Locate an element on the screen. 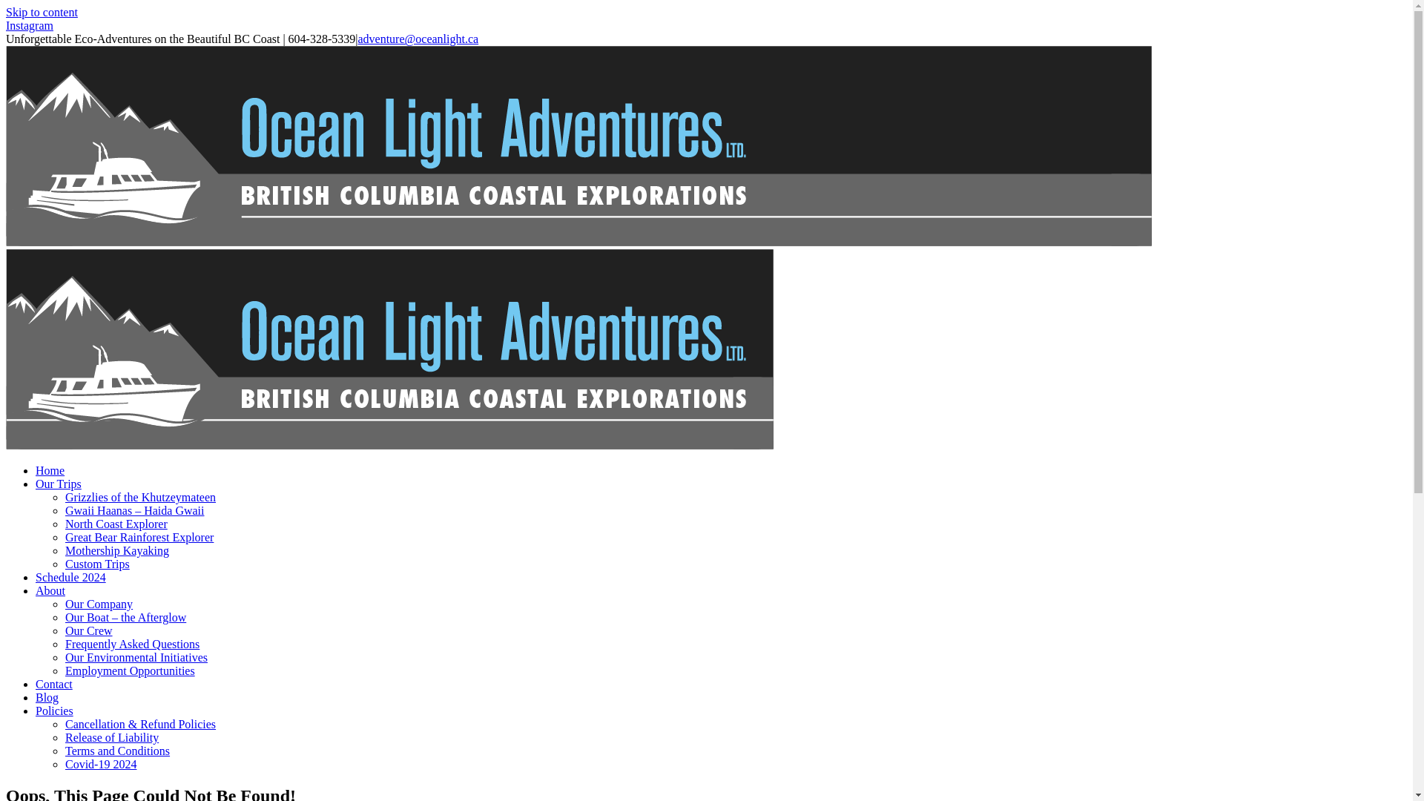 Image resolution: width=1424 pixels, height=801 pixels. 'Release of Liability' is located at coordinates (111, 737).